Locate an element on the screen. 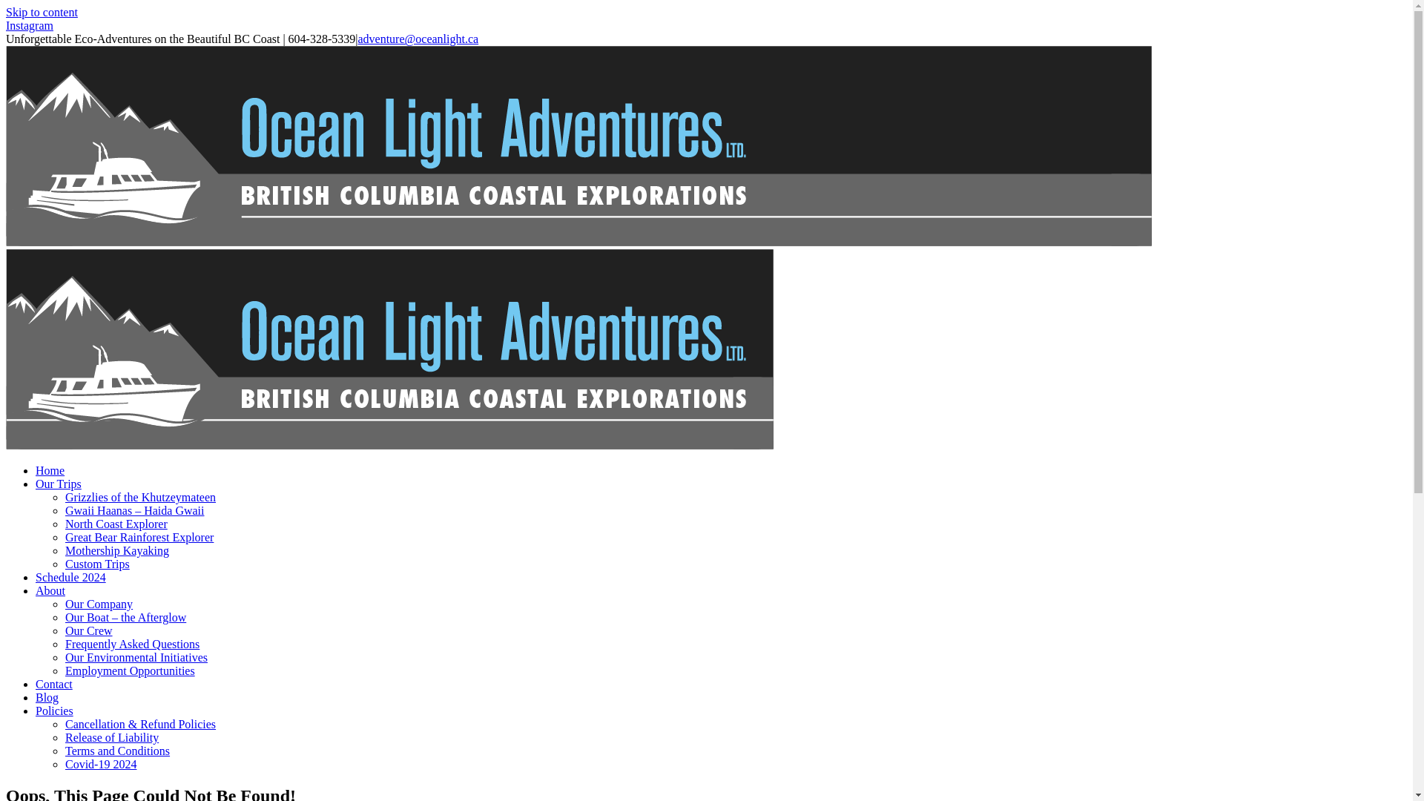 Image resolution: width=1424 pixels, height=801 pixels. 'Release of Liability' is located at coordinates (111, 737).